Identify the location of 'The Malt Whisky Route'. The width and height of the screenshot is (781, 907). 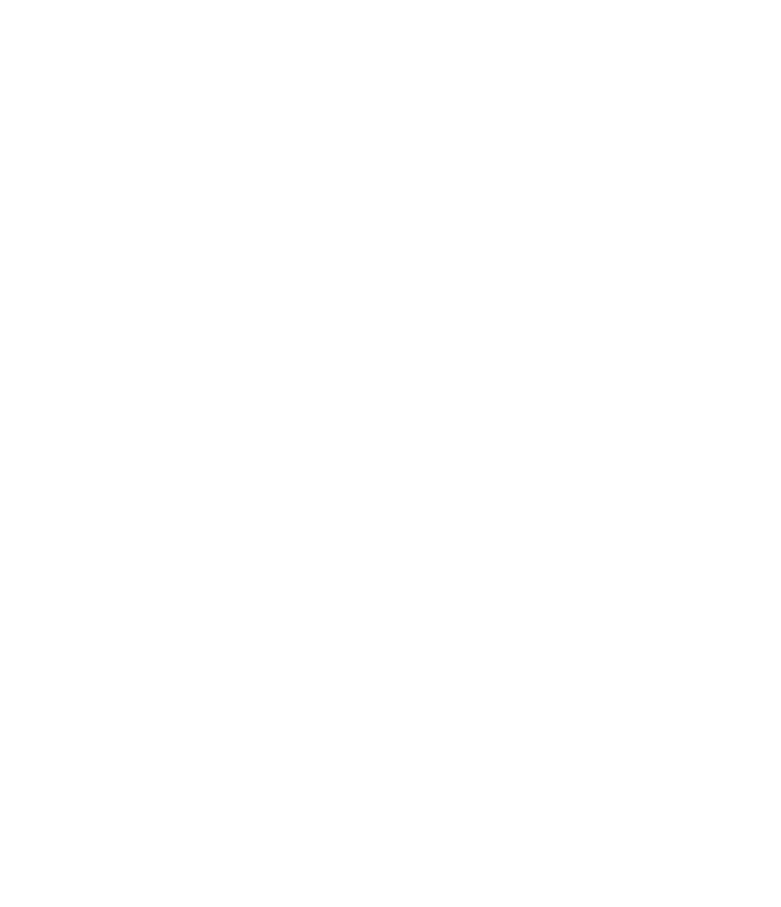
(224, 687).